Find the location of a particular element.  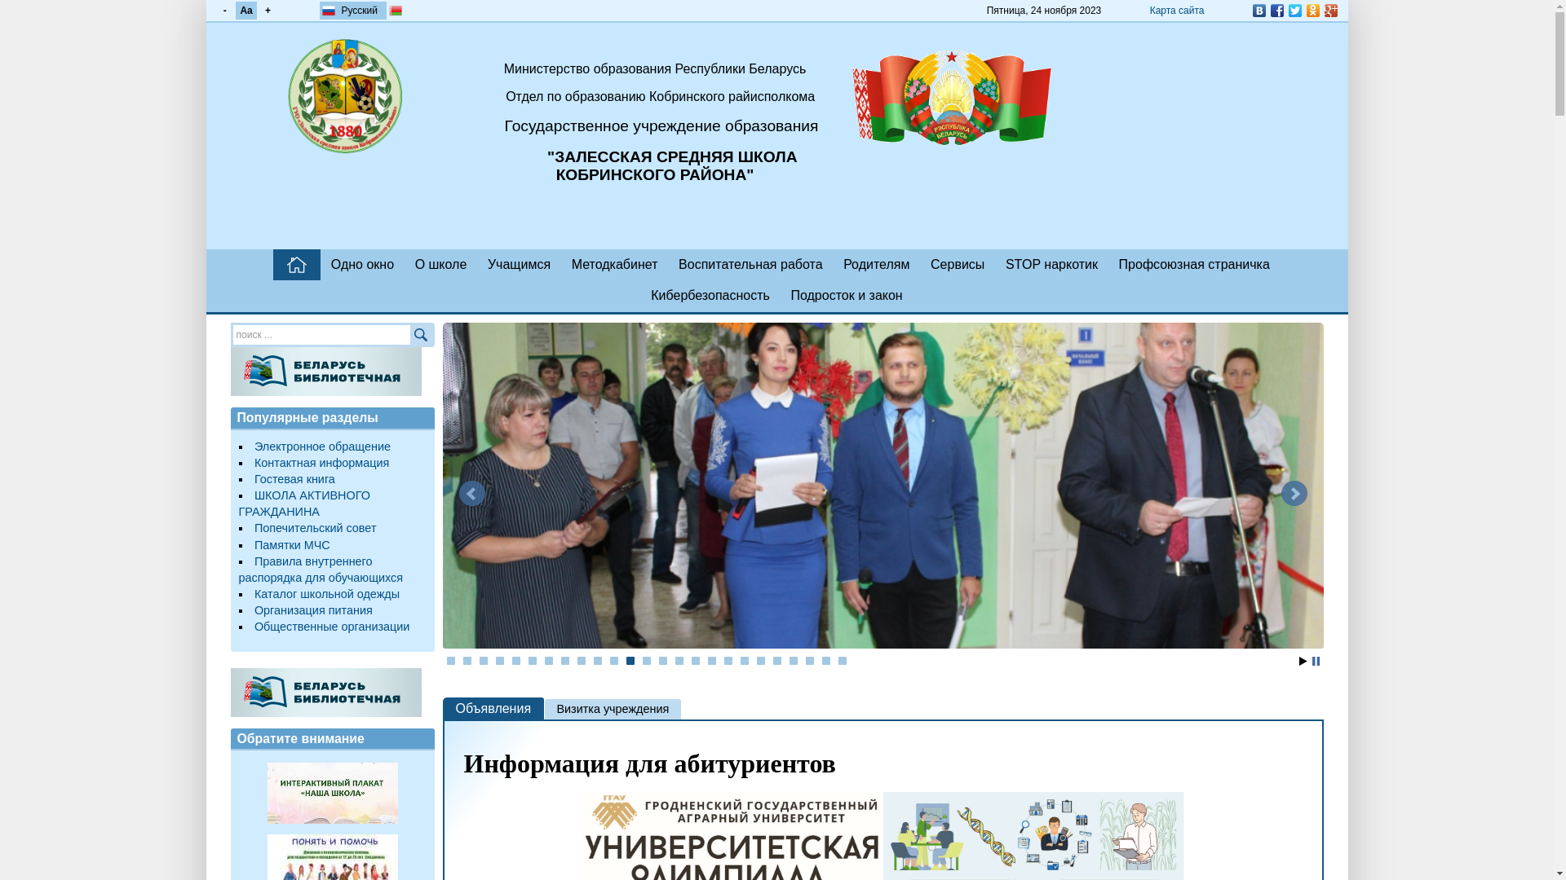

'Twitter' is located at coordinates (1284, 10).